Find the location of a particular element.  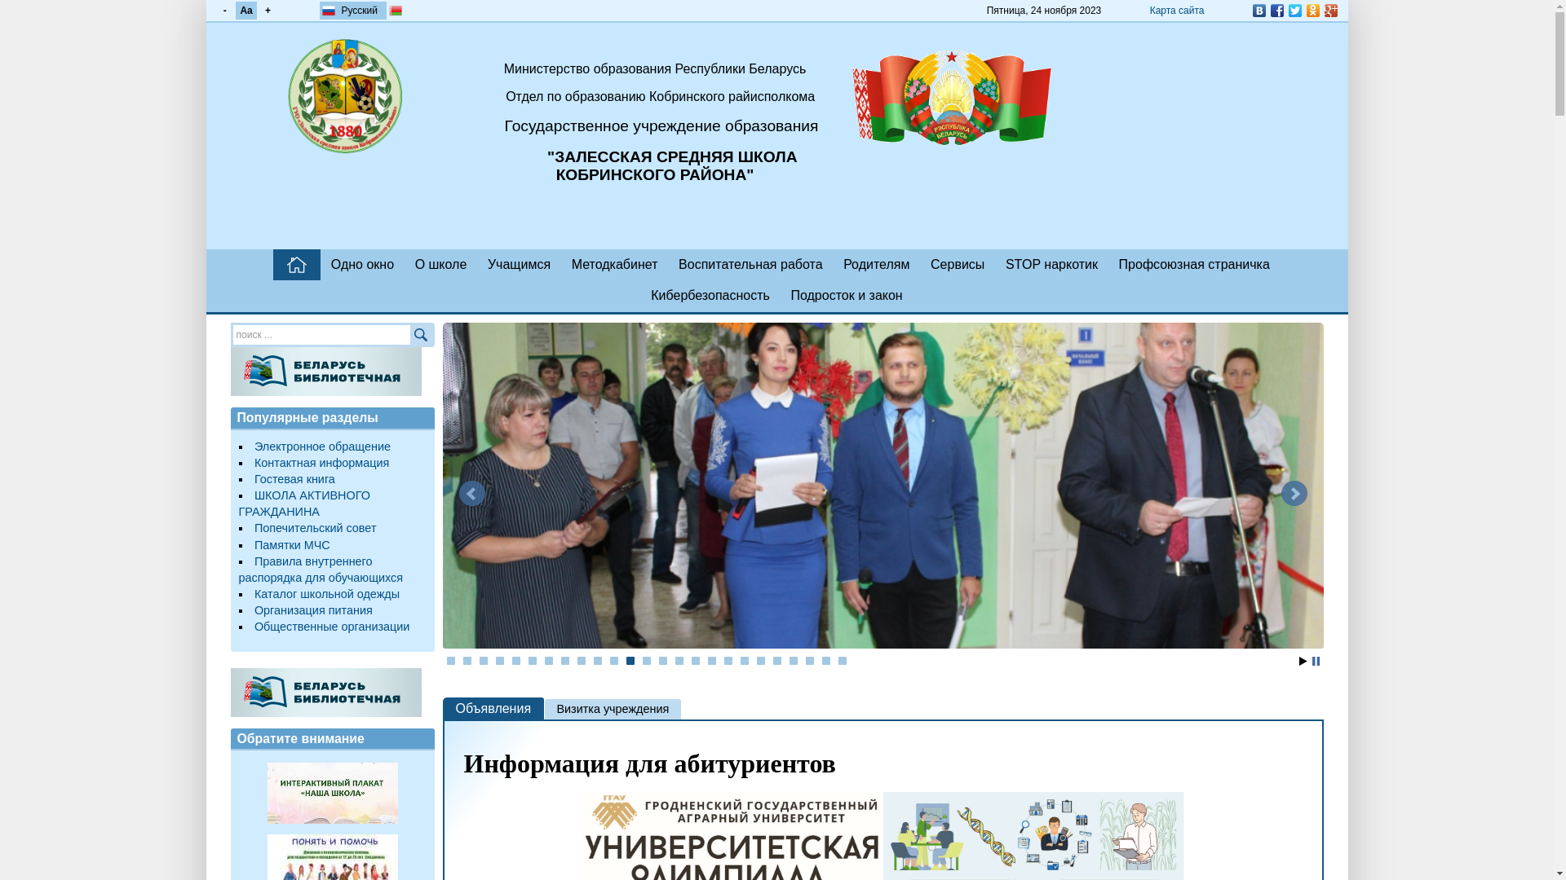

'Twitter' is located at coordinates (1284, 10).